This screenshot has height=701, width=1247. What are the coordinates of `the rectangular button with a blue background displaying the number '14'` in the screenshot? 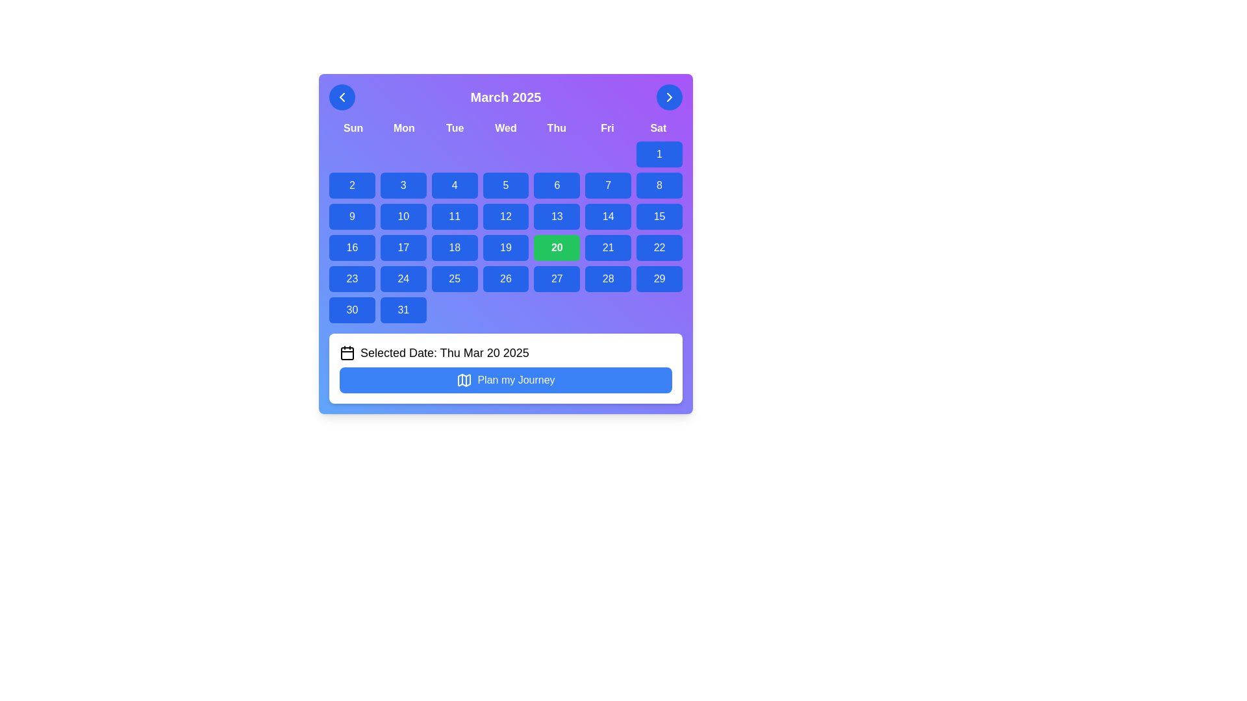 It's located at (607, 216).